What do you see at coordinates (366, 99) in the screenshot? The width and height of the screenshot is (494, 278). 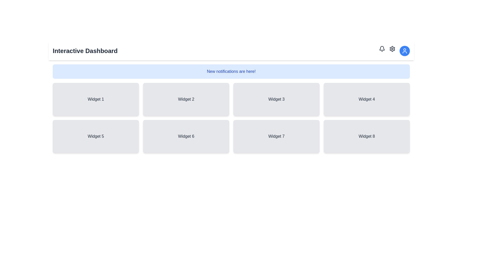 I see `the 'Widget 4' card containing the text label in the second row and fourth column of the grid layout for navigation or interaction` at bounding box center [366, 99].